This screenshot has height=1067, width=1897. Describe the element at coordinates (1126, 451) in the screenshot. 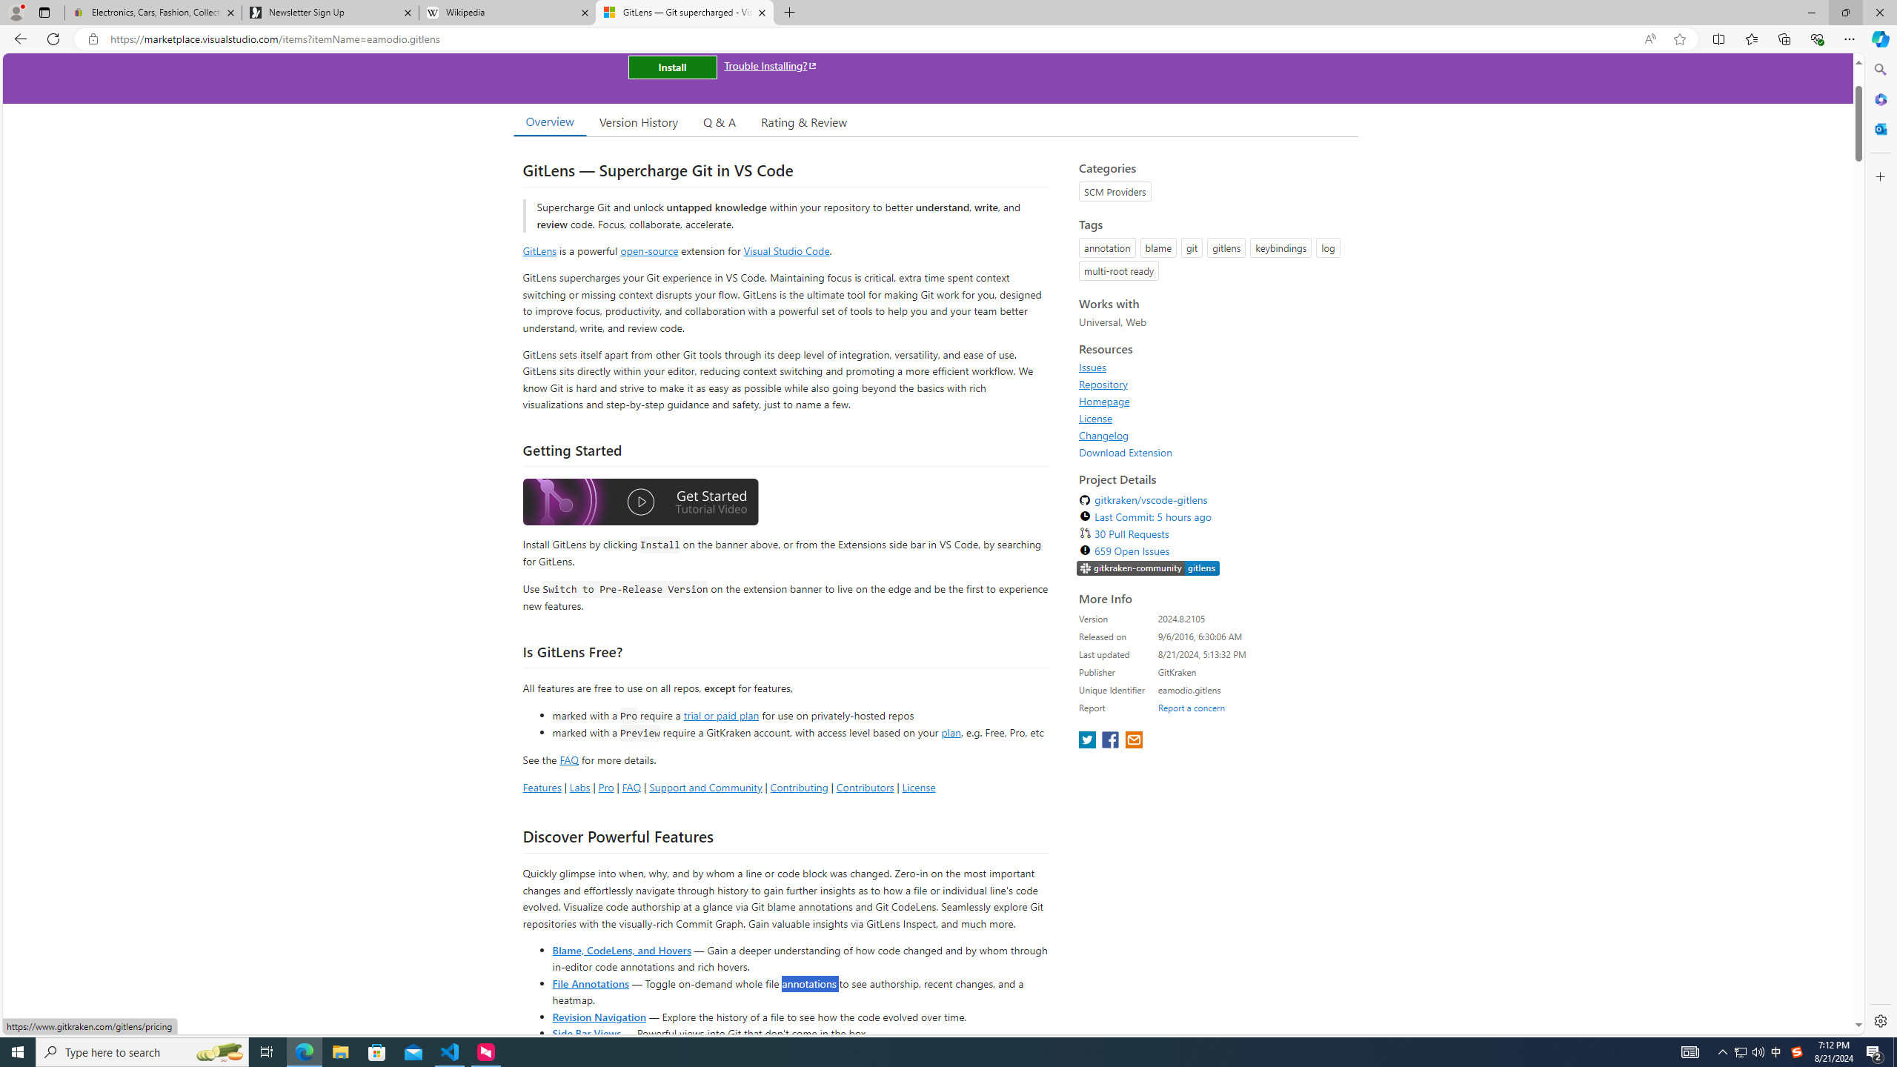

I see `'Download Extension'` at that location.